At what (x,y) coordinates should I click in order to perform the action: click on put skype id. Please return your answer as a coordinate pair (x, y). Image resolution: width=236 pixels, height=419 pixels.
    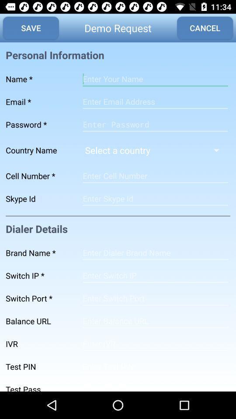
    Looking at the image, I should click on (155, 199).